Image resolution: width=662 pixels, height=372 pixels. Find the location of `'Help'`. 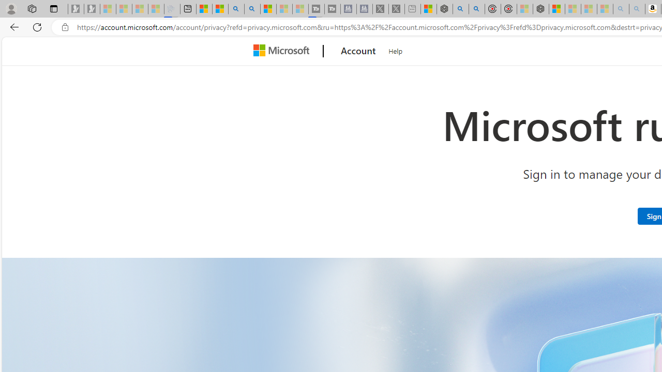

'Help' is located at coordinates (395, 50).